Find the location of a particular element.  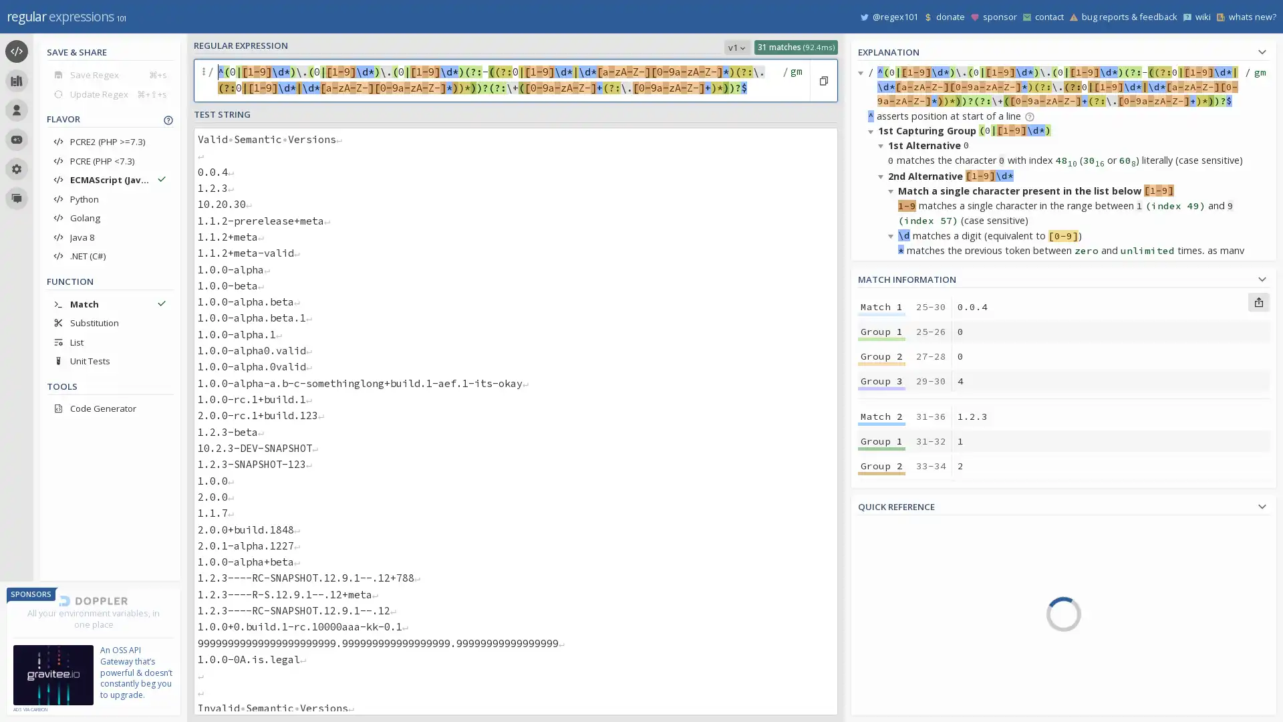

Update Regex ++s is located at coordinates (110, 93).